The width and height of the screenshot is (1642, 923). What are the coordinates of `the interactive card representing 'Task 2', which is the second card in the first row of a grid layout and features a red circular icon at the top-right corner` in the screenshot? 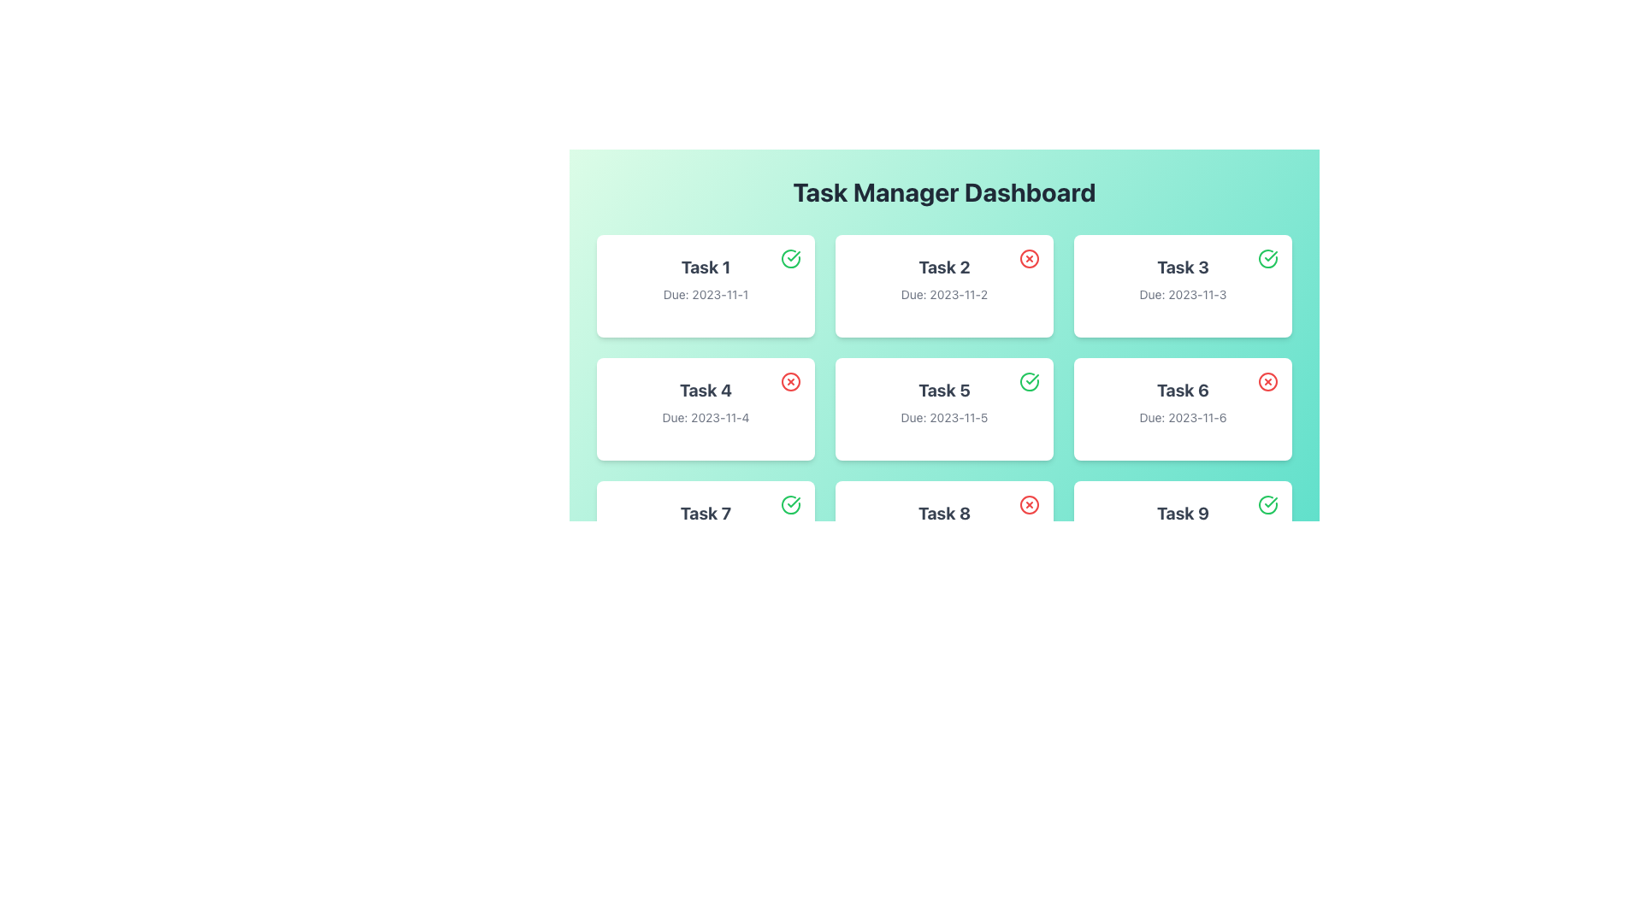 It's located at (943, 285).